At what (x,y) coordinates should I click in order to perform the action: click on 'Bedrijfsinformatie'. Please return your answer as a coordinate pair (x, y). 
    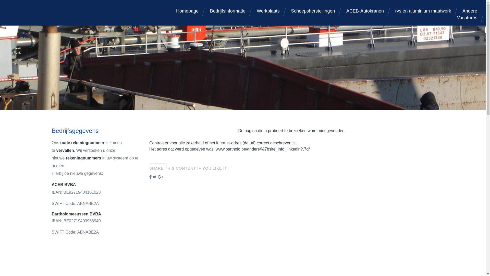
    Looking at the image, I should click on (227, 11).